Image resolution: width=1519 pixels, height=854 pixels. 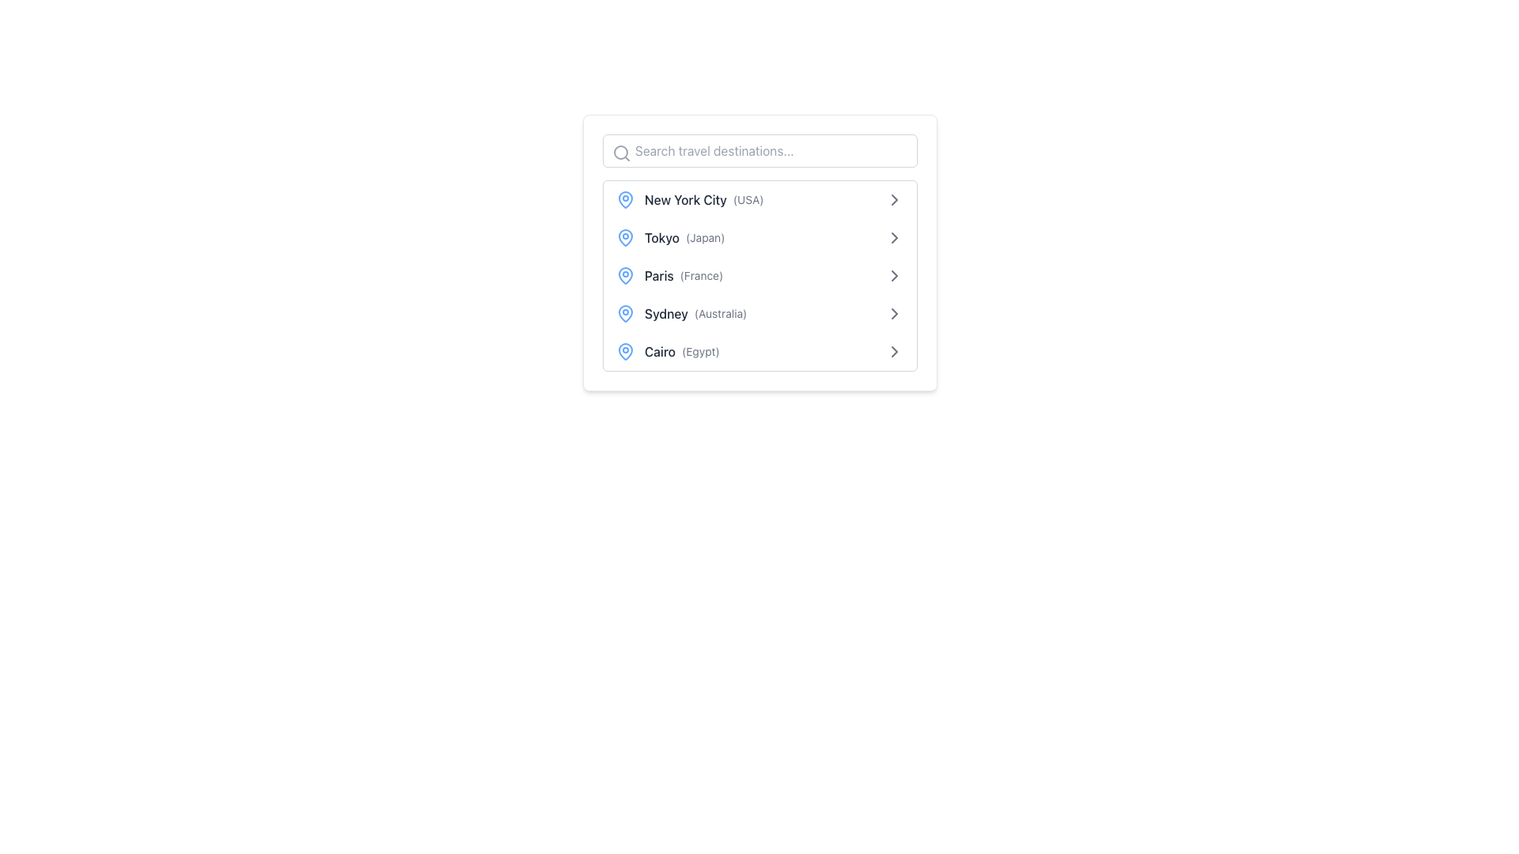 What do you see at coordinates (748, 199) in the screenshot?
I see `the textual content displaying the text '(USA)', which is styled with a smaller grey font and positioned to the immediate right of 'New York City' in the first item of a vertical list of locations` at bounding box center [748, 199].